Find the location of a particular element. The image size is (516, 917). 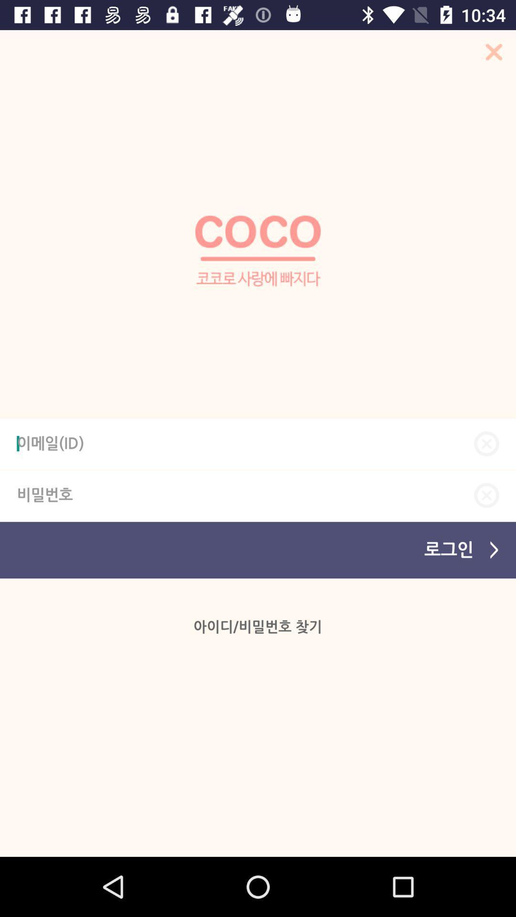

icon at the top right corner is located at coordinates (491, 54).